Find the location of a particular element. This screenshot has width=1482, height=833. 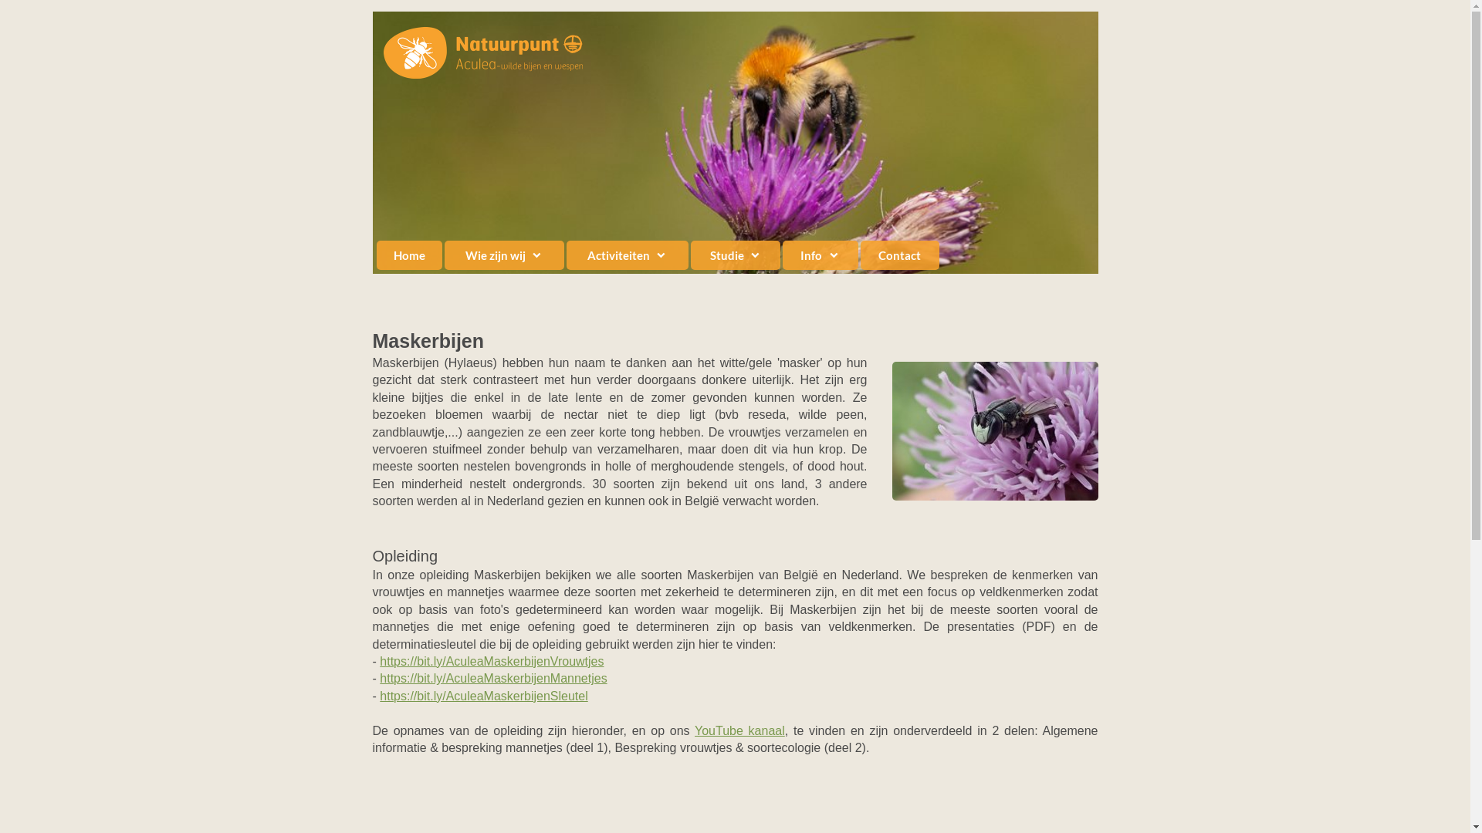

'https://bit.ly/AculeaMaskerbijenSleutel' is located at coordinates (482, 696).